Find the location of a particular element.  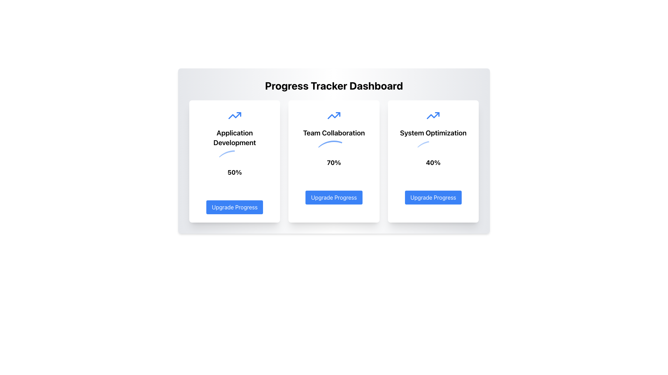

the blue button labeled 'Upgrade Progress' located at the bottom of the leftmost white card to initiate the upgrade is located at coordinates (234, 207).